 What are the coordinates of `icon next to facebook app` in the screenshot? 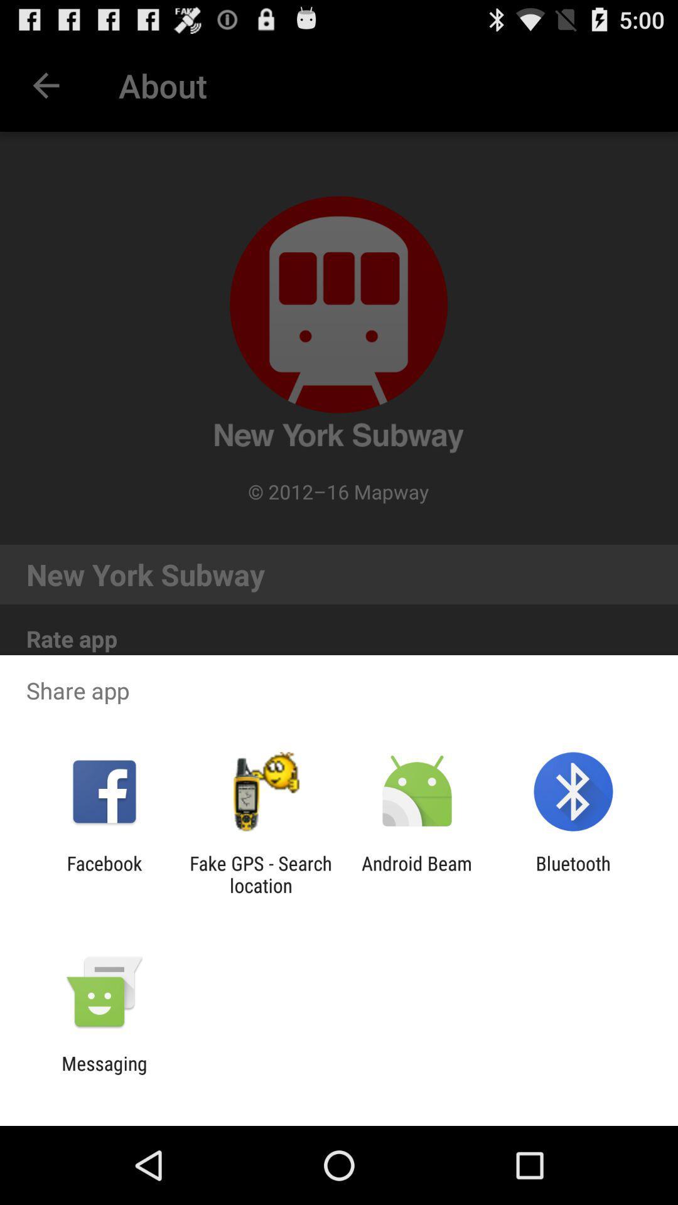 It's located at (260, 874).